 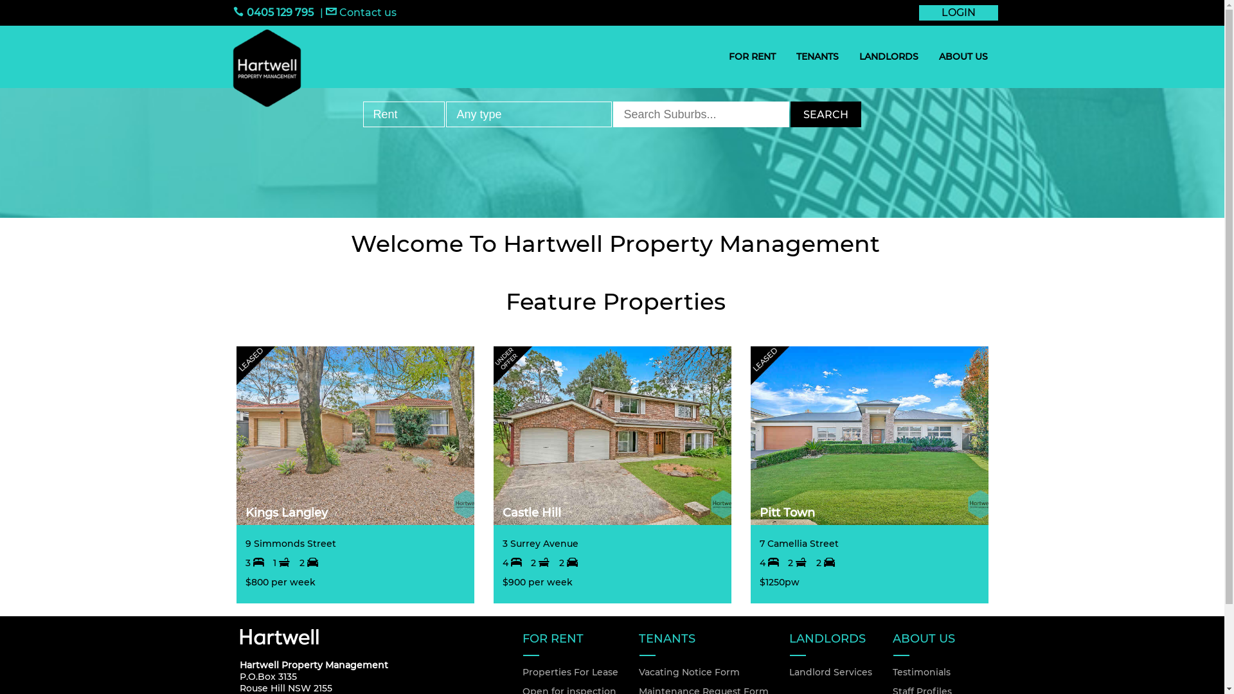 I want to click on 'SEARCH', so click(x=826, y=113).